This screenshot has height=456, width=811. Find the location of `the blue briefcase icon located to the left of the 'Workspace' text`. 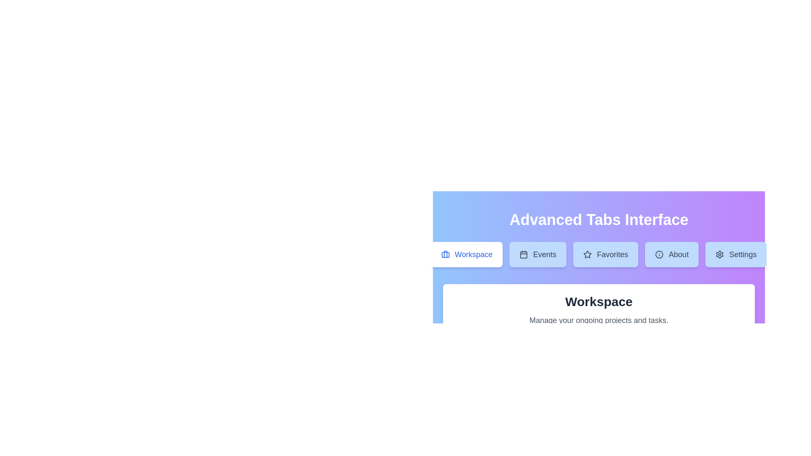

the blue briefcase icon located to the left of the 'Workspace' text is located at coordinates (445, 254).